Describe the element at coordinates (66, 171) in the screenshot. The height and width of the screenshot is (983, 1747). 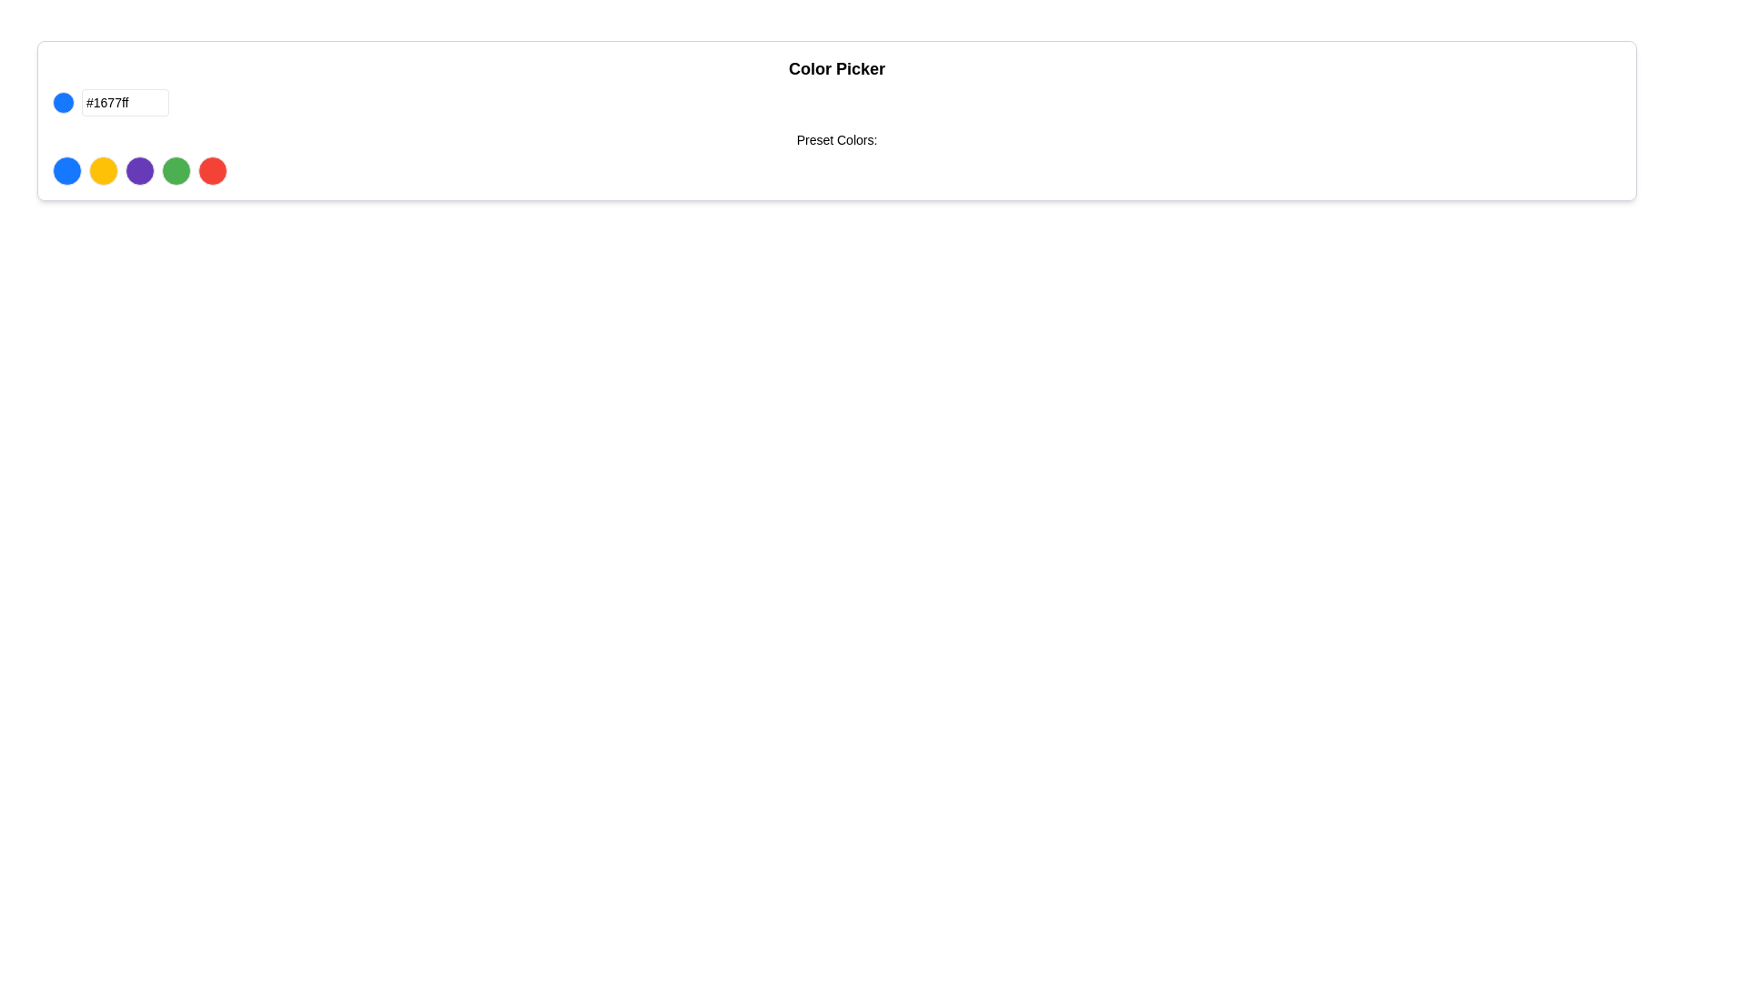
I see `the first circular button in the 'Preset Colors' row` at that location.